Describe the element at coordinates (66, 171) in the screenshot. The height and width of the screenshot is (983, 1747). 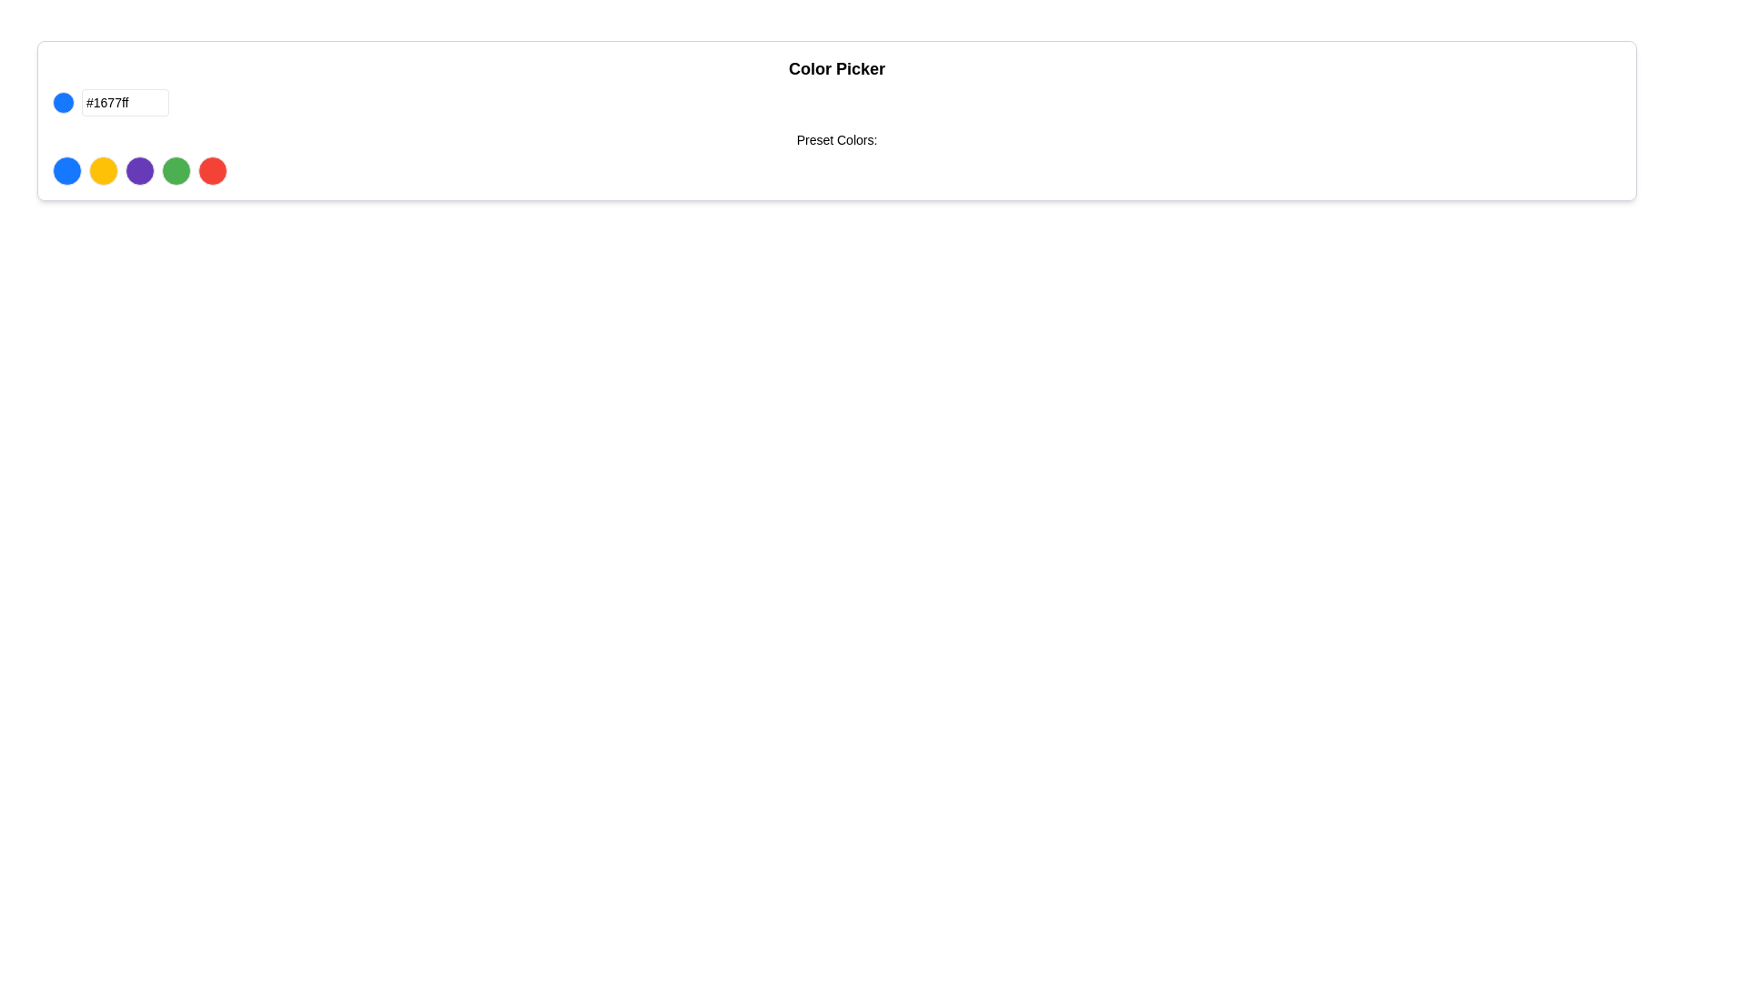
I see `the first circular button in the 'Preset Colors' row` at that location.